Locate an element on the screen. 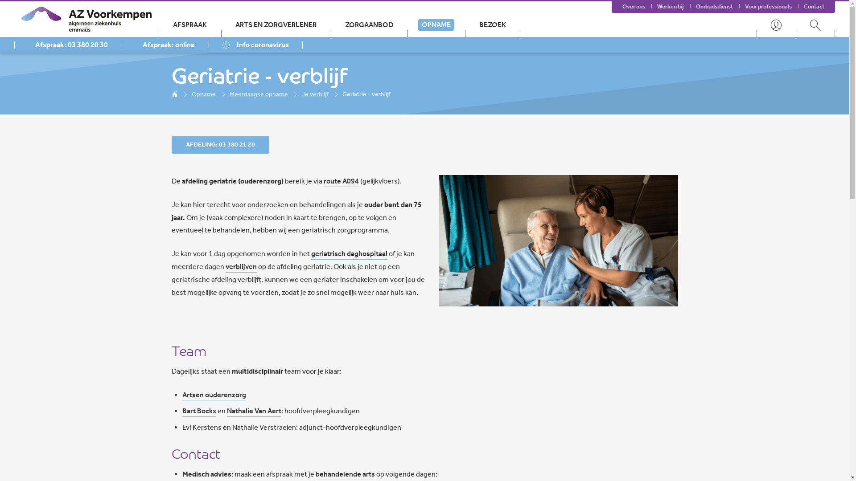 The height and width of the screenshot is (481, 856). 'Afspraak: 03 380 20 30' is located at coordinates (67, 45).